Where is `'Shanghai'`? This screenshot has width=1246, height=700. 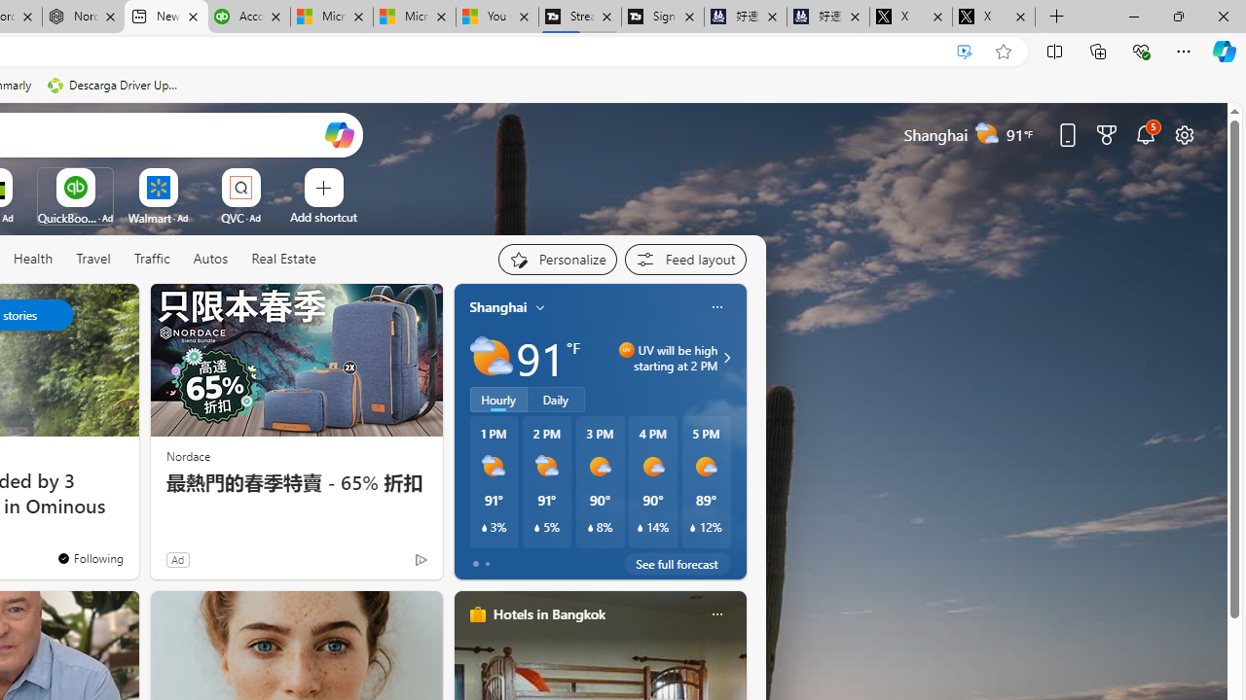 'Shanghai' is located at coordinates (498, 306).